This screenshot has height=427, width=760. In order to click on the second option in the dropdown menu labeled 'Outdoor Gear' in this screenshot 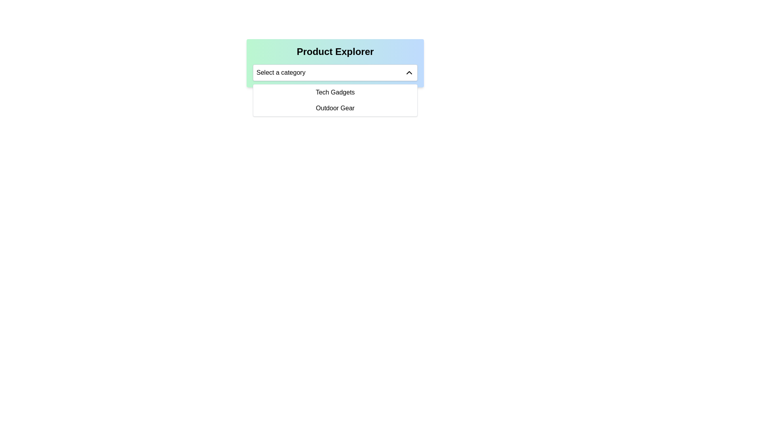, I will do `click(335, 108)`.